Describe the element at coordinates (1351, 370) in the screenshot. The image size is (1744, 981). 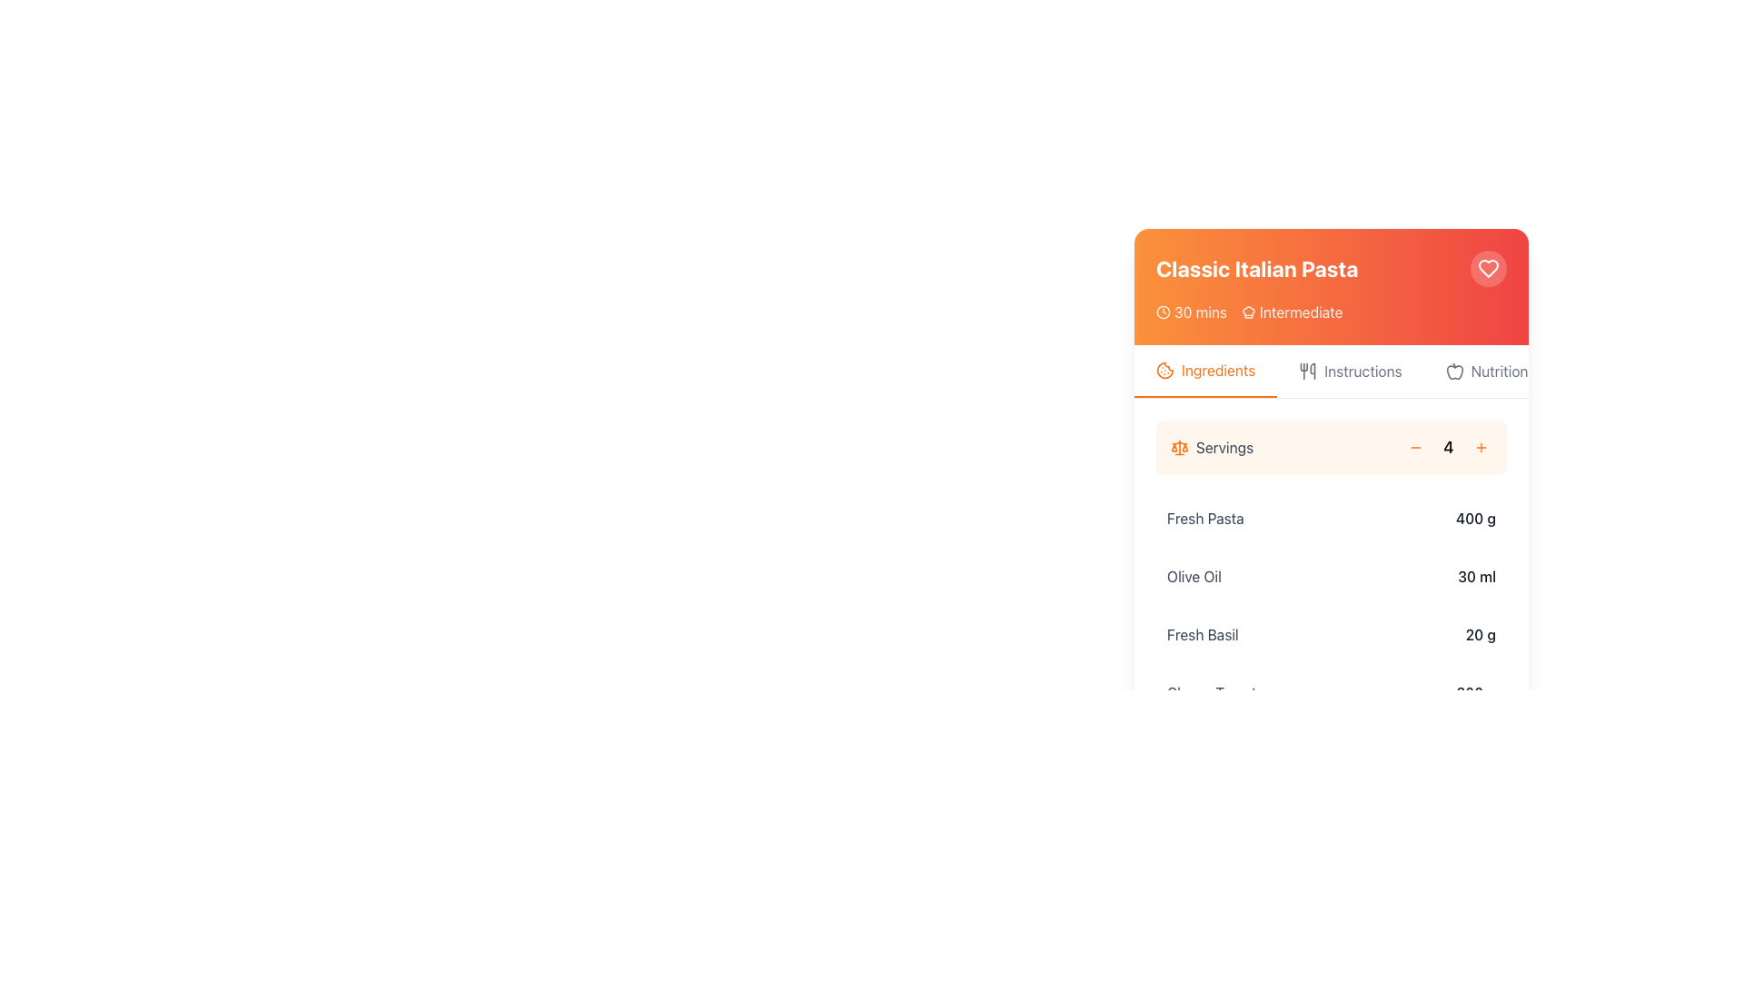
I see `the 'Instructions' tab element, which features a fork and knife icon and text styled in gray that changes to orange on hover` at that location.